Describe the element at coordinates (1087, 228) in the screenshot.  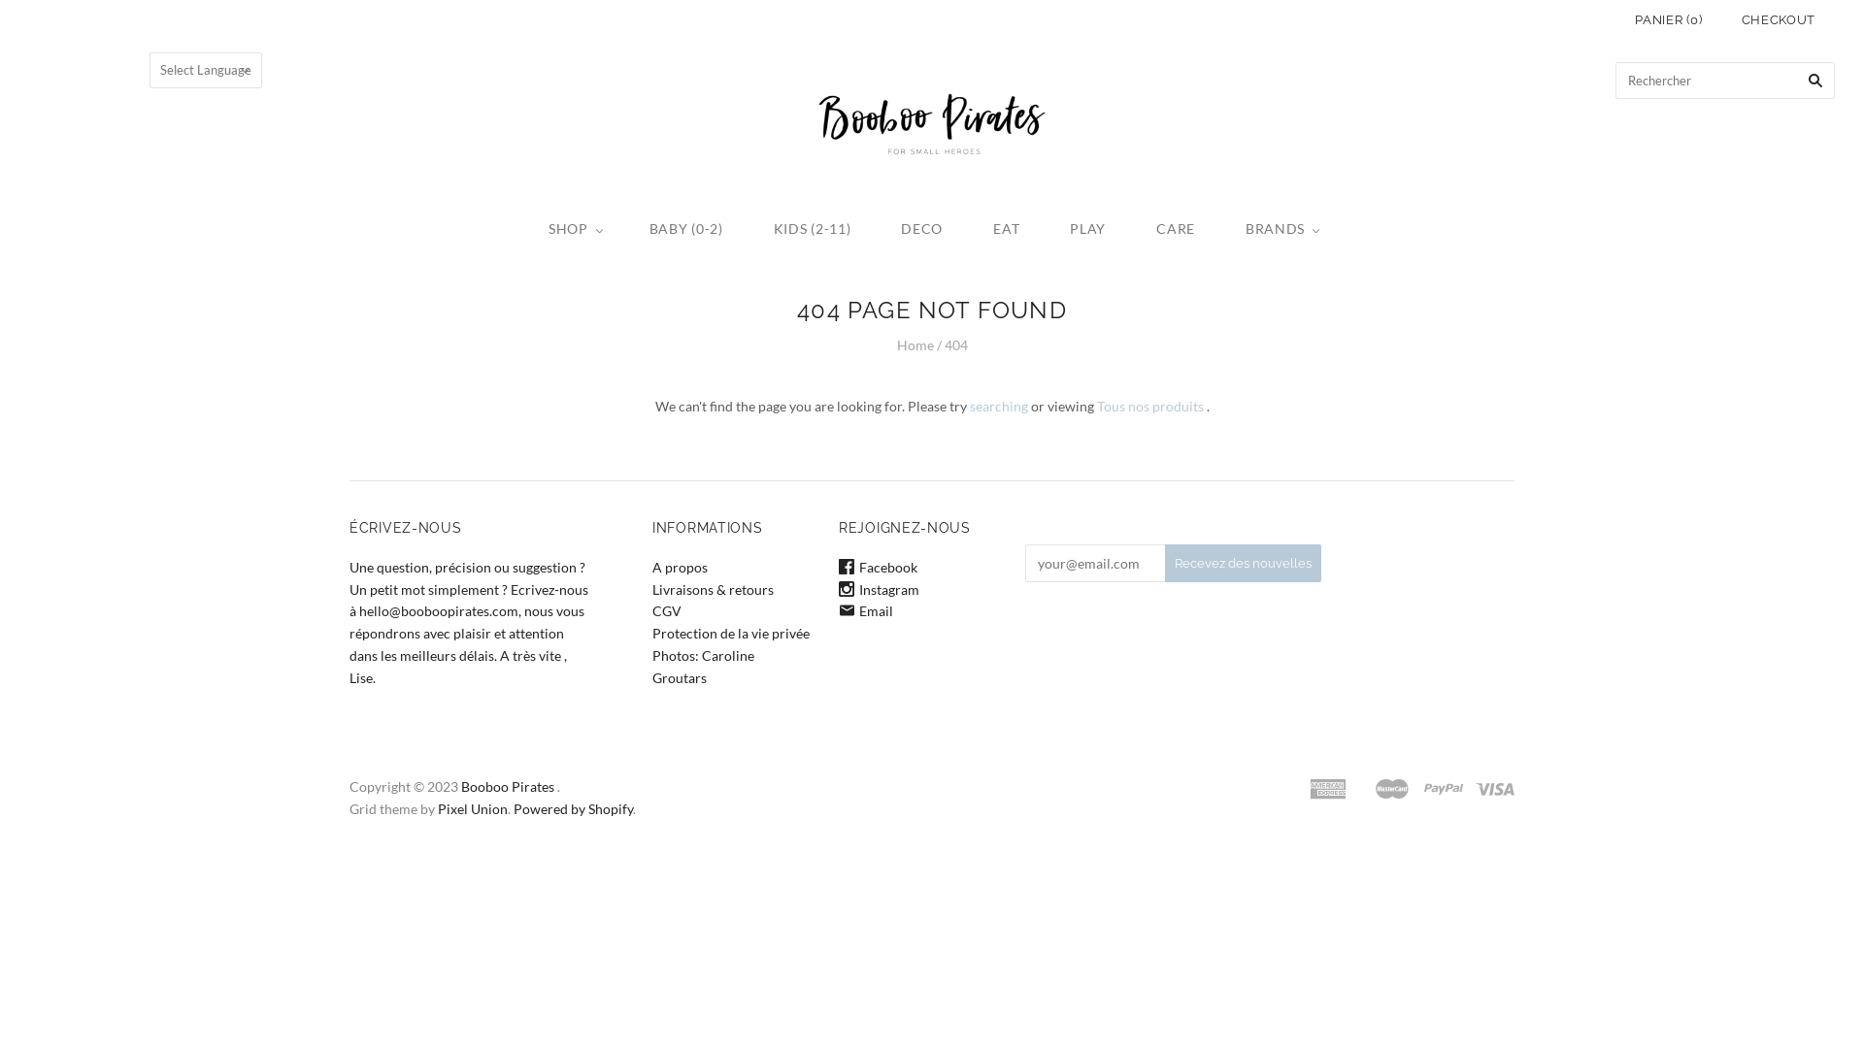
I see `'PLAY'` at that location.